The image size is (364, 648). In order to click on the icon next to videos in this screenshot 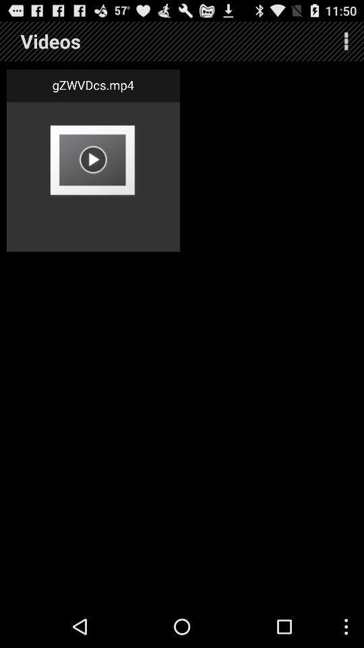, I will do `click(346, 41)`.